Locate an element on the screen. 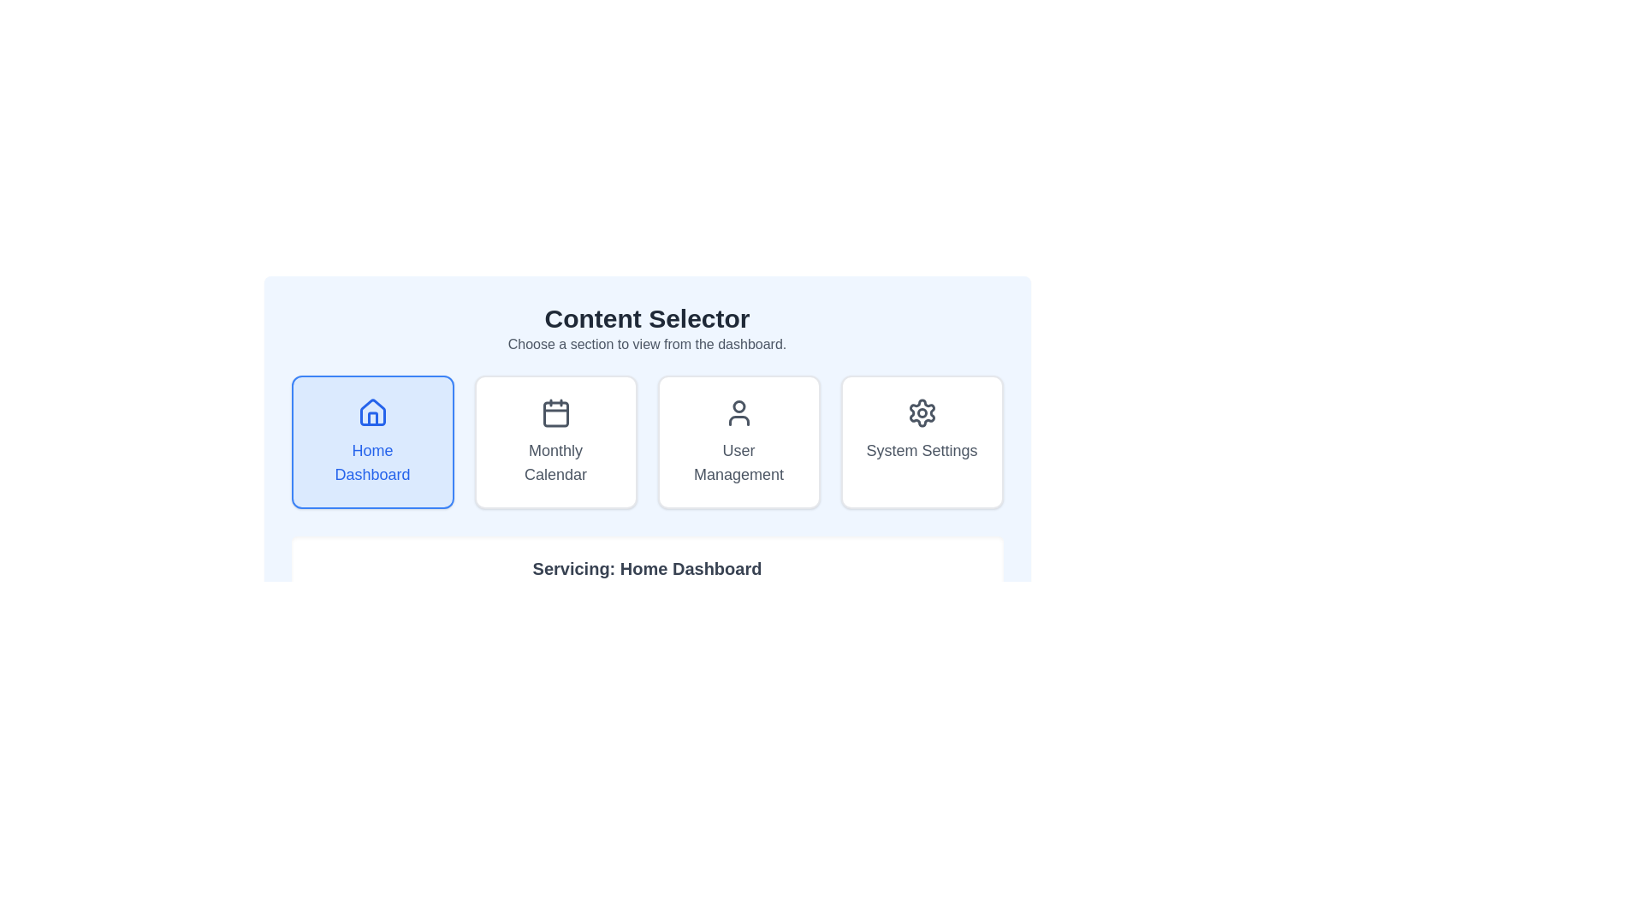 The height and width of the screenshot is (924, 1643). the 'Monthly Calendar' interactive button, which features a calendar icon and is positioned between the 'Home Dashboard' and 'User Management' buttons is located at coordinates (555, 441).